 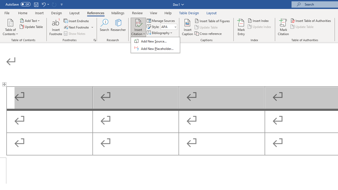 I want to click on 'Mark Citation...', so click(x=283, y=27).